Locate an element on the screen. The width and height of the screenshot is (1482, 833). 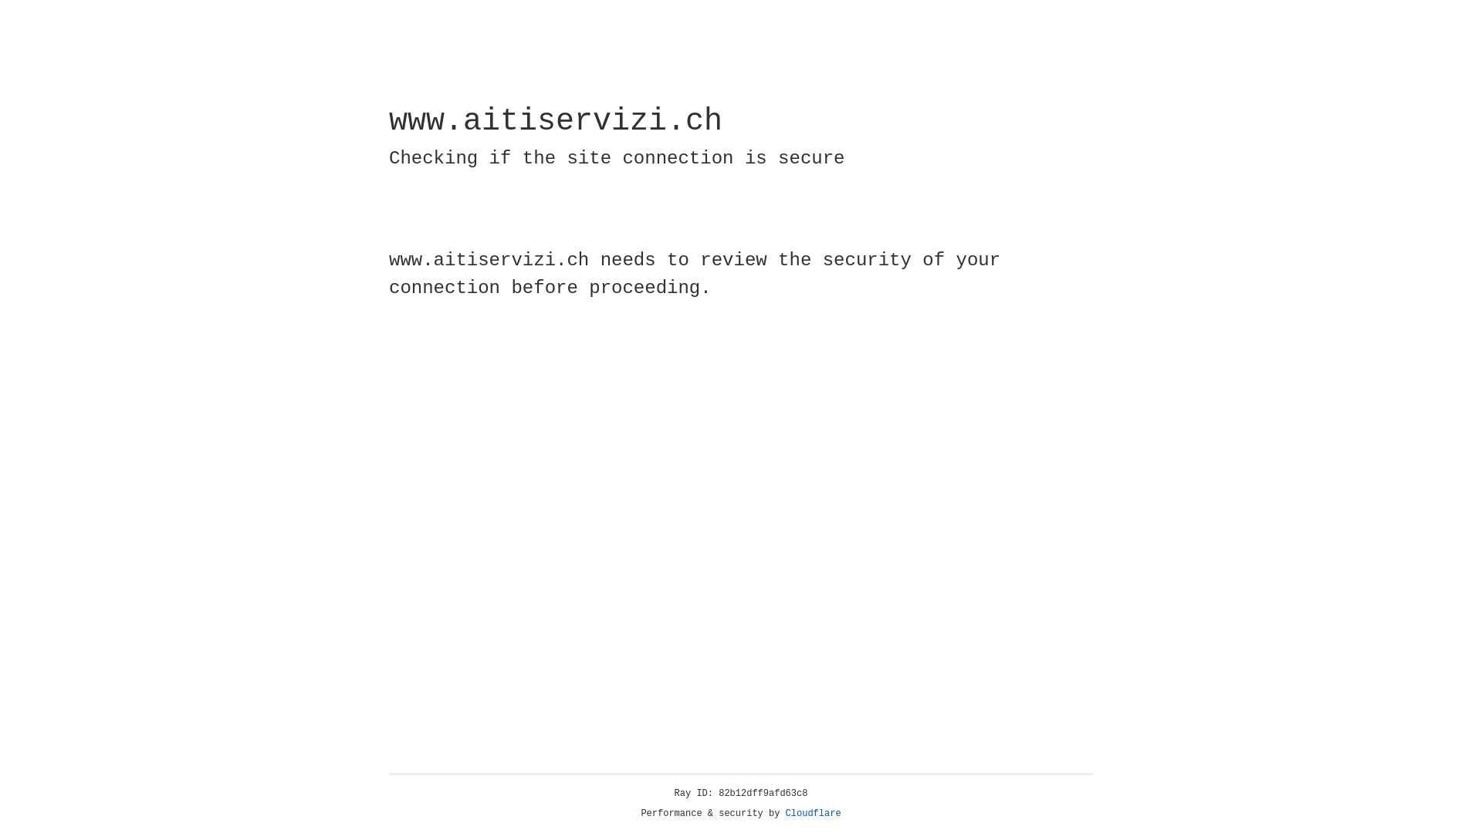
'Cloudflare' is located at coordinates (785, 813).